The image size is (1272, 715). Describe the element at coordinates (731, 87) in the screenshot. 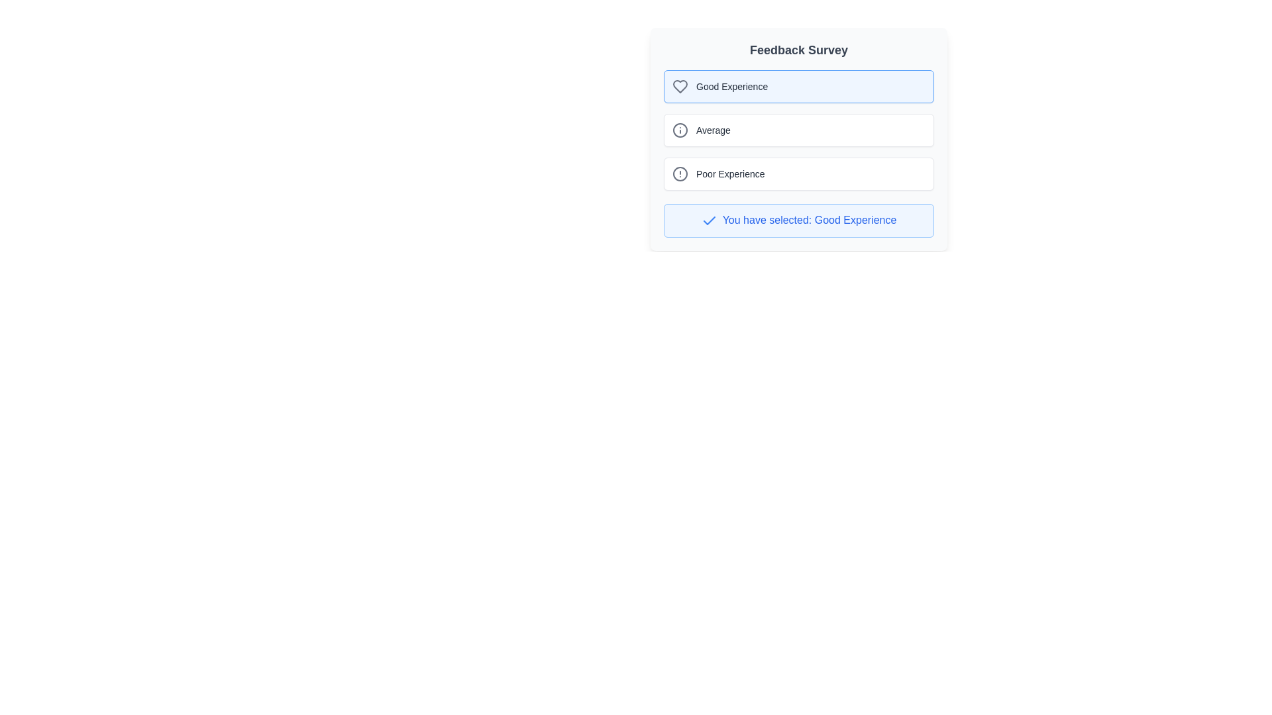

I see `the text label reading 'Good Experience' which is part of a feedback survey form, located to the right of a heart-shaped icon` at that location.